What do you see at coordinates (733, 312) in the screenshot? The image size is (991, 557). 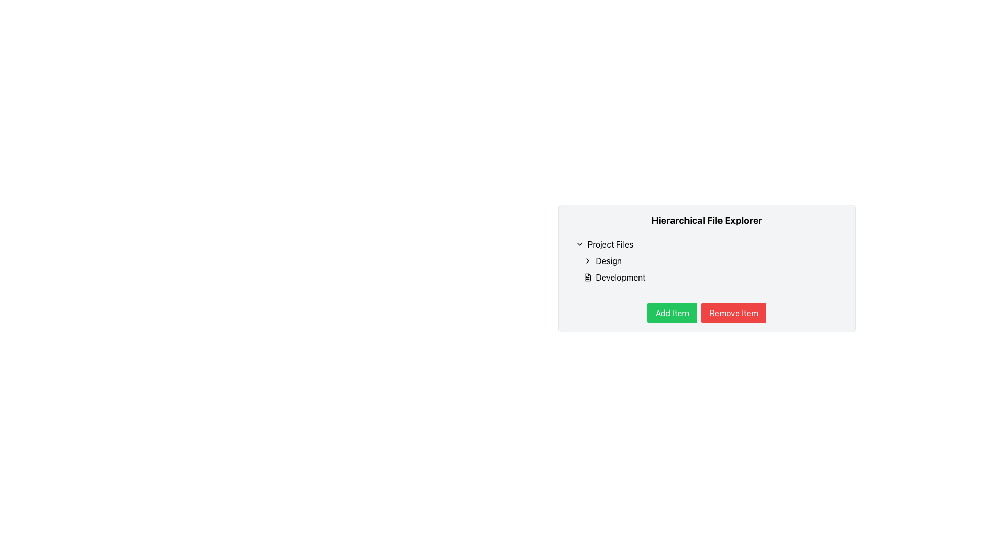 I see `the red 'Remove Item' button, which is the second button located directly to the right of the green 'Add Item' button, to change its visual state` at bounding box center [733, 312].